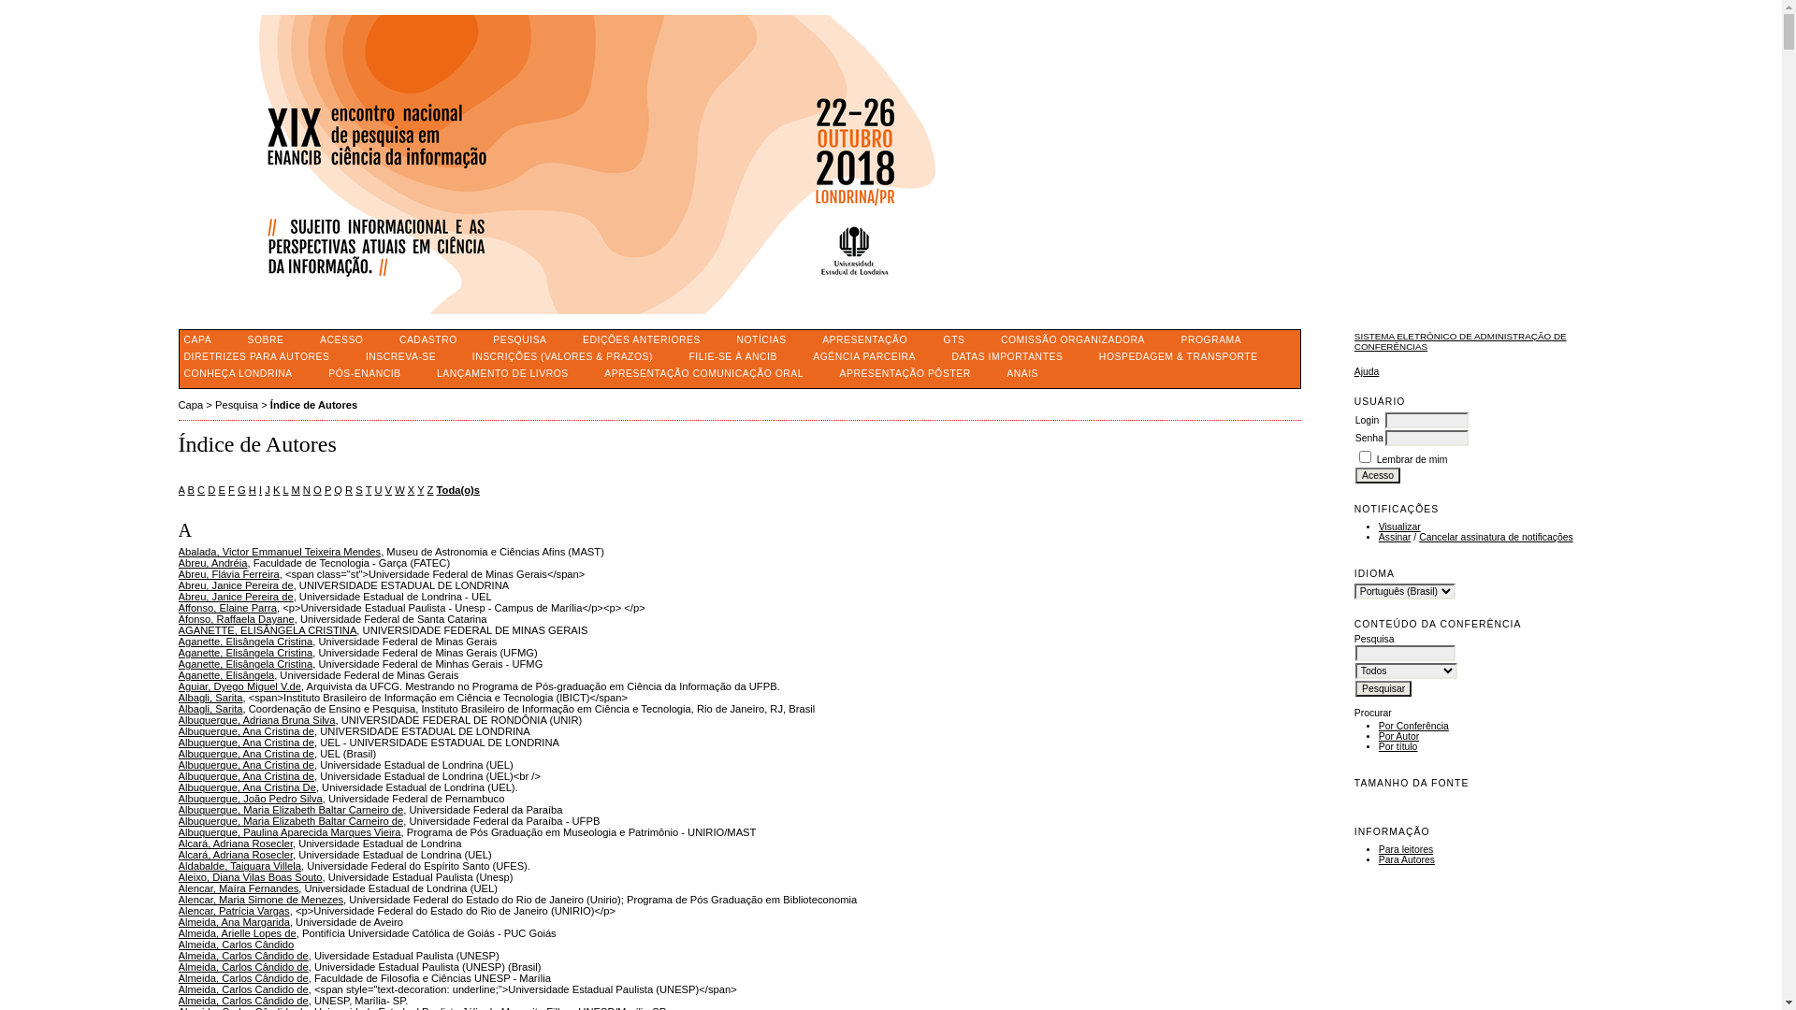 Image resolution: width=1796 pixels, height=1010 pixels. What do you see at coordinates (340, 339) in the screenshot?
I see `'ACESSO'` at bounding box center [340, 339].